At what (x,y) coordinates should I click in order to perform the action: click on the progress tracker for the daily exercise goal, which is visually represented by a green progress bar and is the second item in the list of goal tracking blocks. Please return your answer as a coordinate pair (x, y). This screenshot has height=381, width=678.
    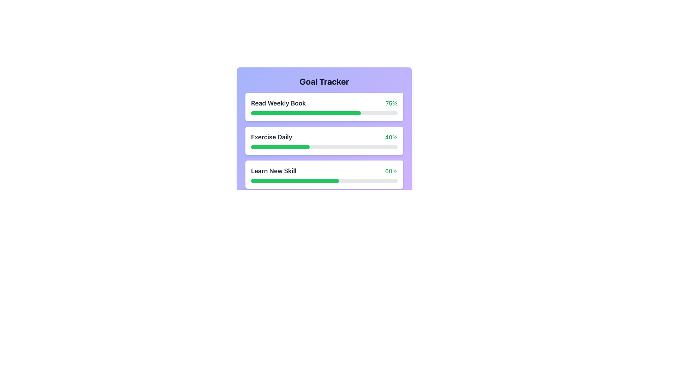
    Looking at the image, I should click on (324, 140).